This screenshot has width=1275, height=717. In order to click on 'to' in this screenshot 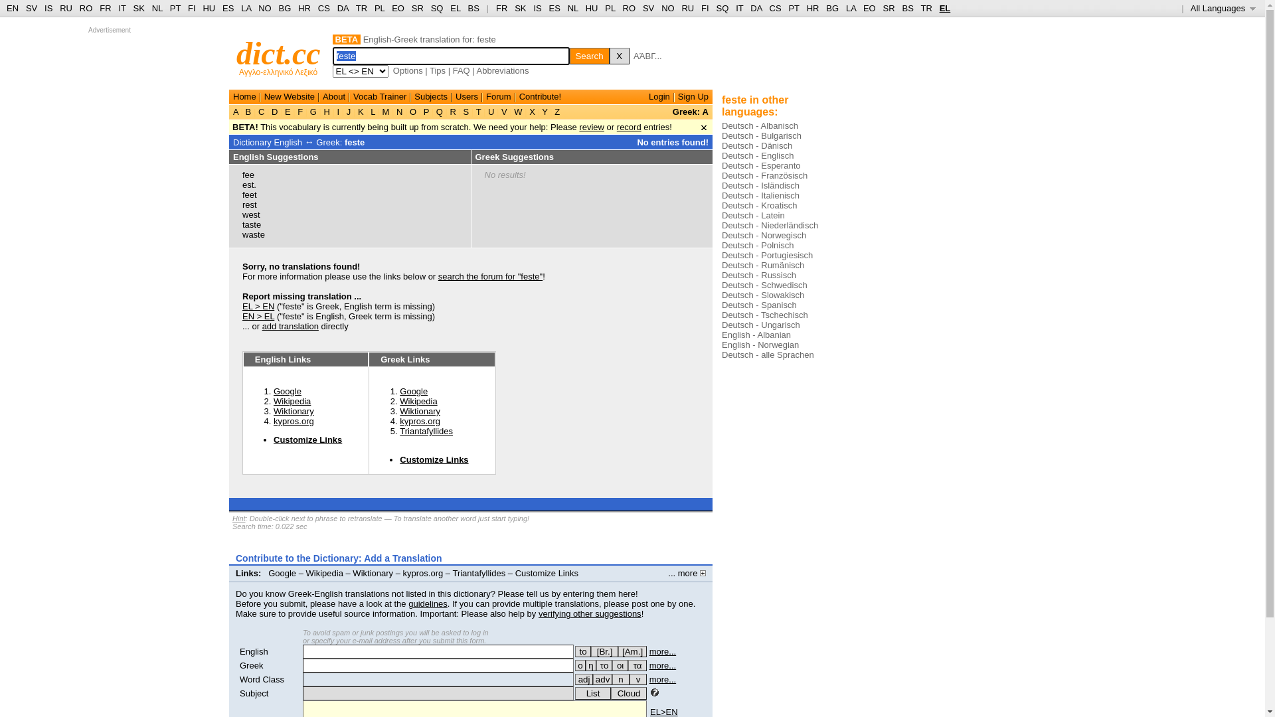, I will do `click(583, 651)`.